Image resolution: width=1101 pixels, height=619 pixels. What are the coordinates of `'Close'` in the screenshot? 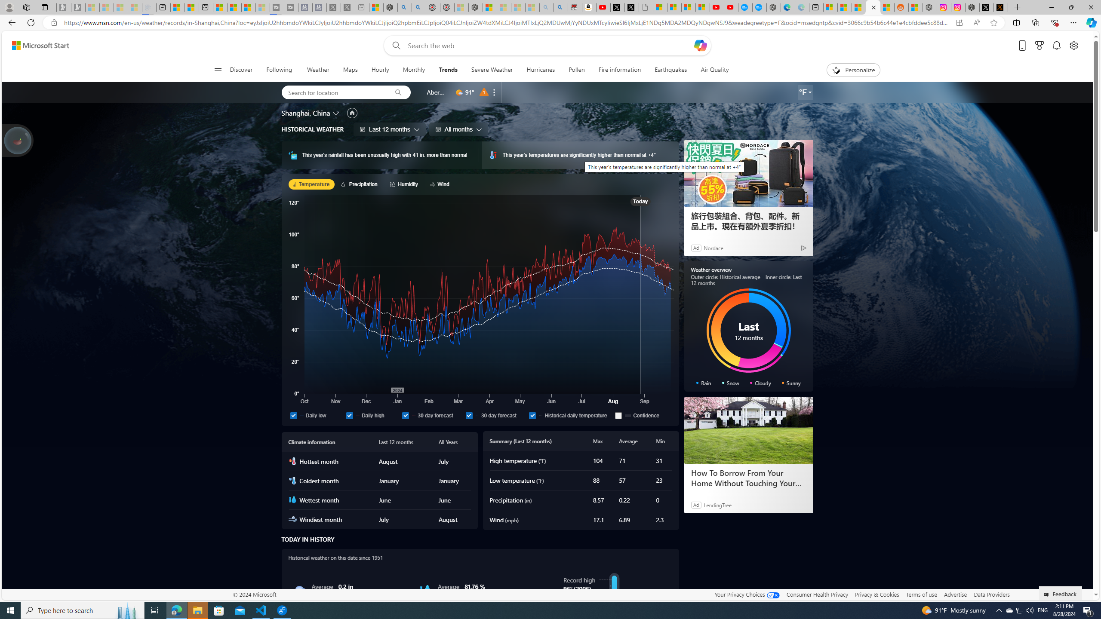 It's located at (1090, 7).